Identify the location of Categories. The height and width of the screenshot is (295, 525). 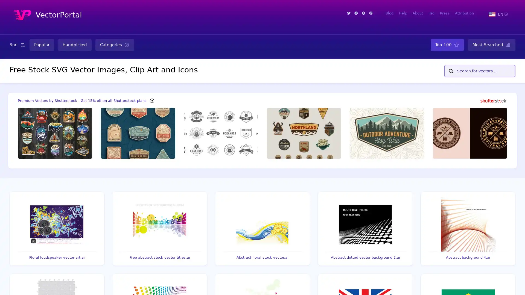
(115, 45).